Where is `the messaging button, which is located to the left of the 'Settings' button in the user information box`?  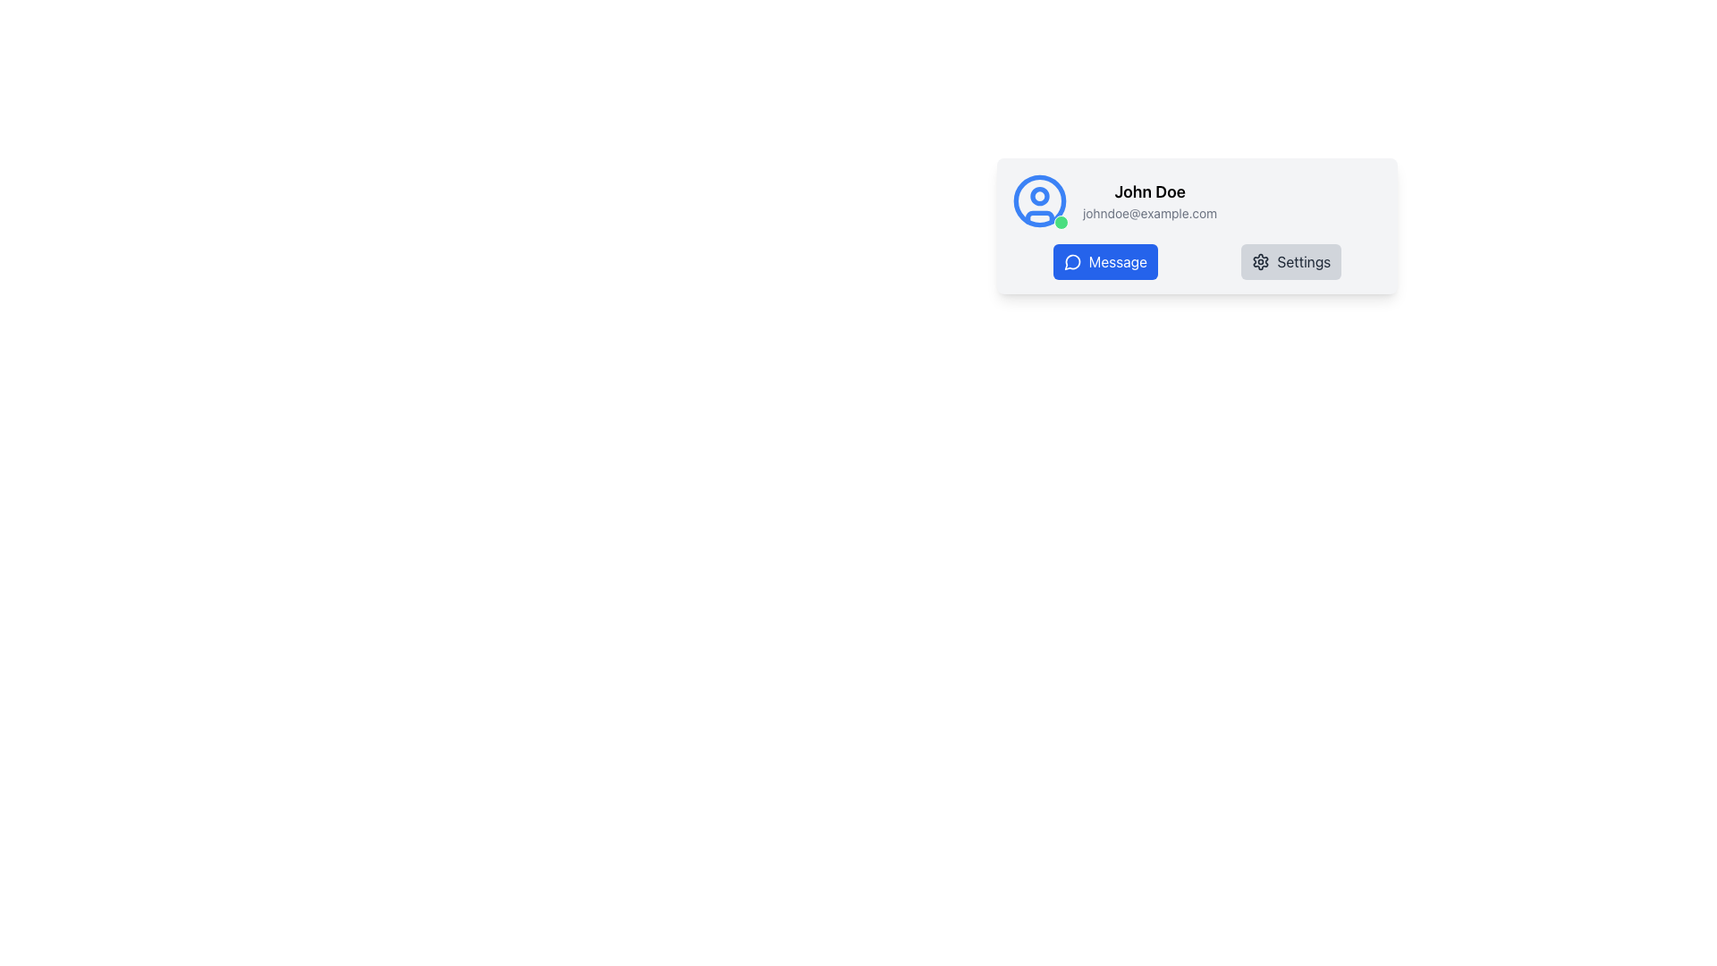
the messaging button, which is located to the left of the 'Settings' button in the user information box is located at coordinates (1104, 262).